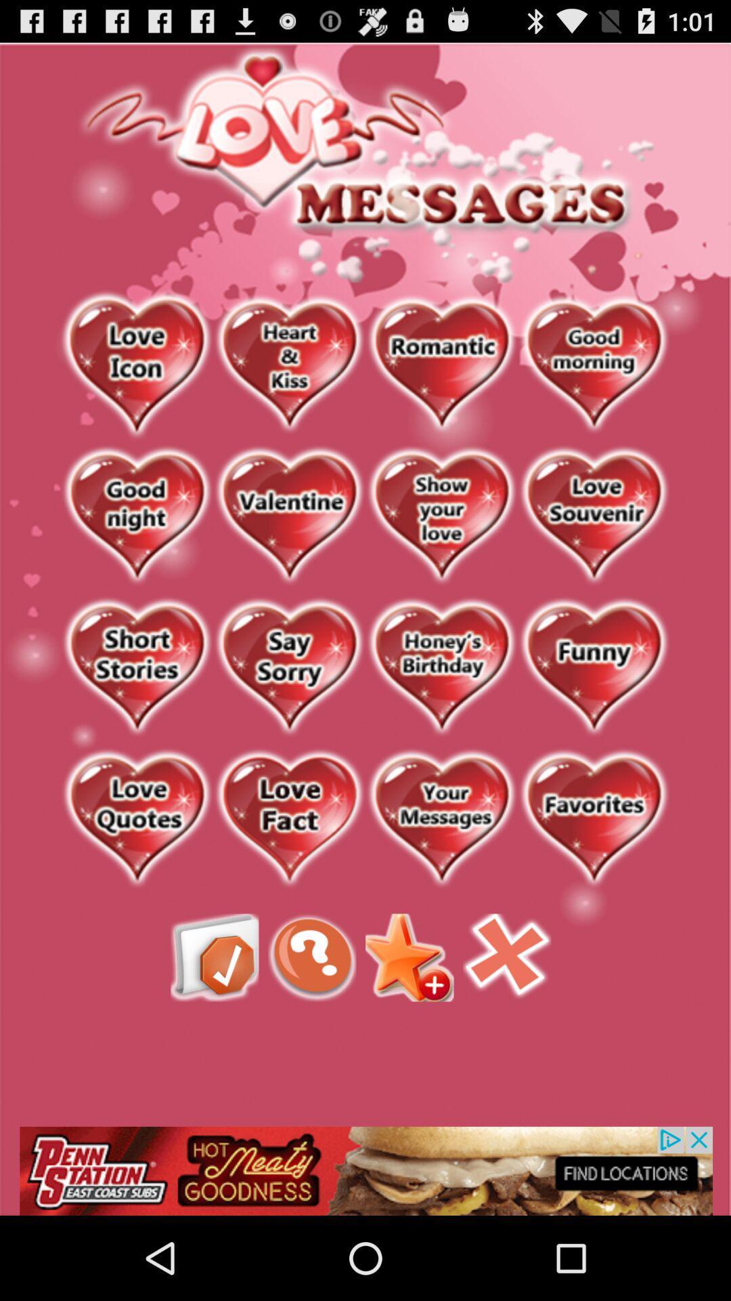  Describe the element at coordinates (365, 1170) in the screenshot. I see `open penn station advertisement` at that location.